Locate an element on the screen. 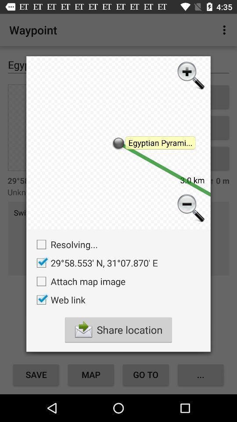 The image size is (237, 422). the item below the 29 58 553 icon is located at coordinates (79, 281).